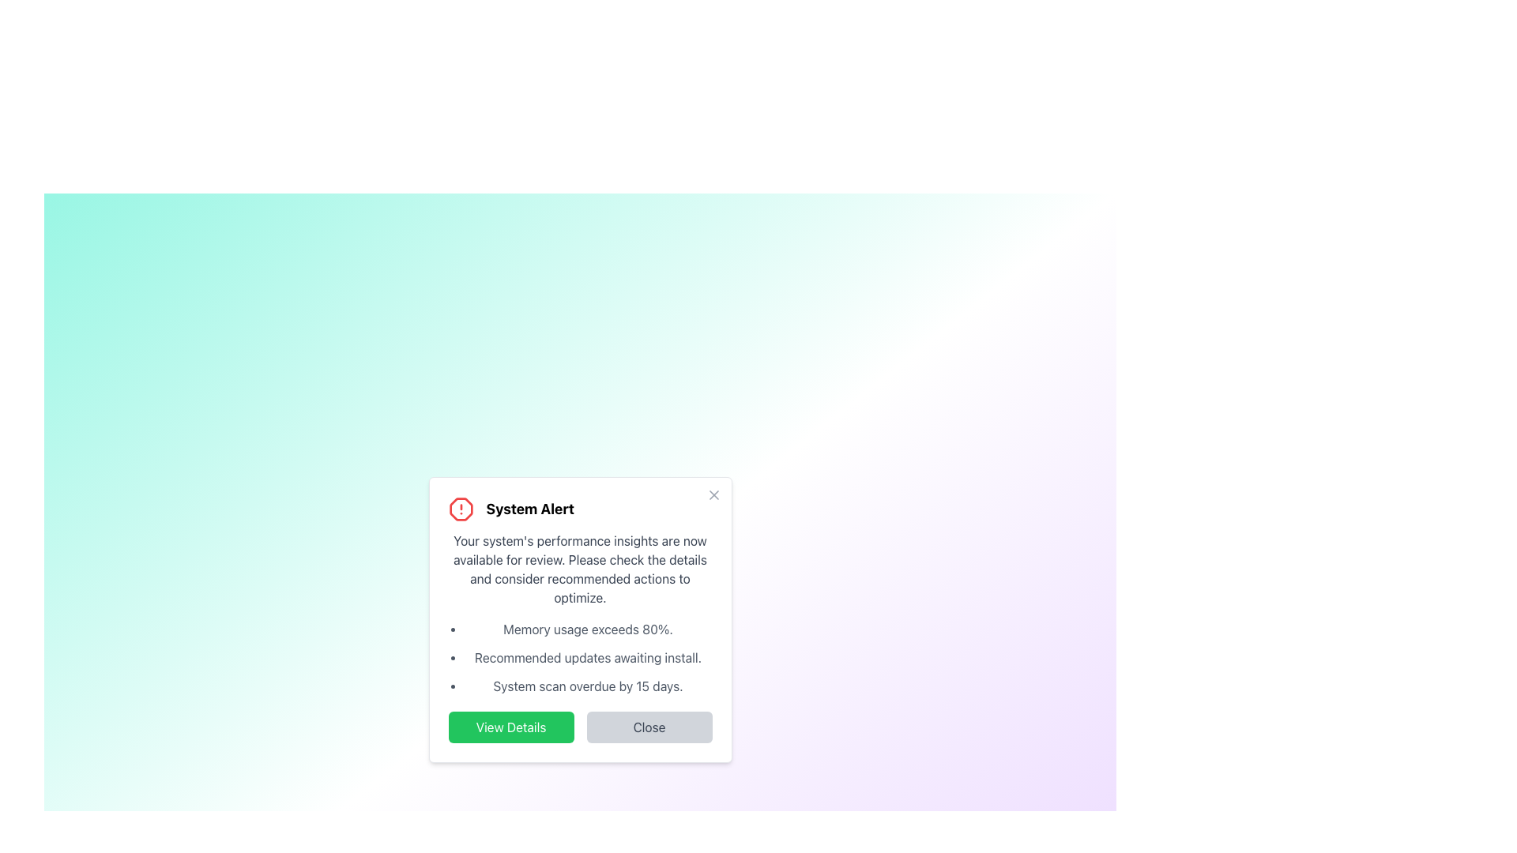  I want to click on the text element displaying 'Memory usage exceeds 80%.' which is the first item in the bulleted list under the 'System Alert' heading, so click(587, 629).